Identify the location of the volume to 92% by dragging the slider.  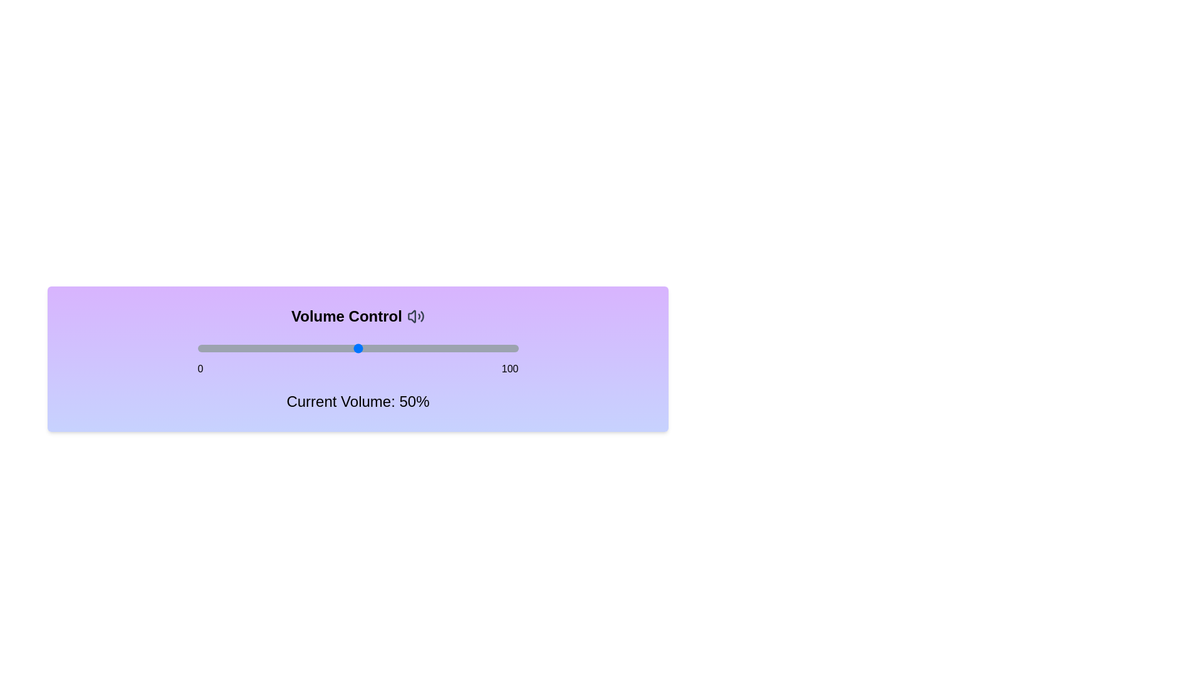
(492, 348).